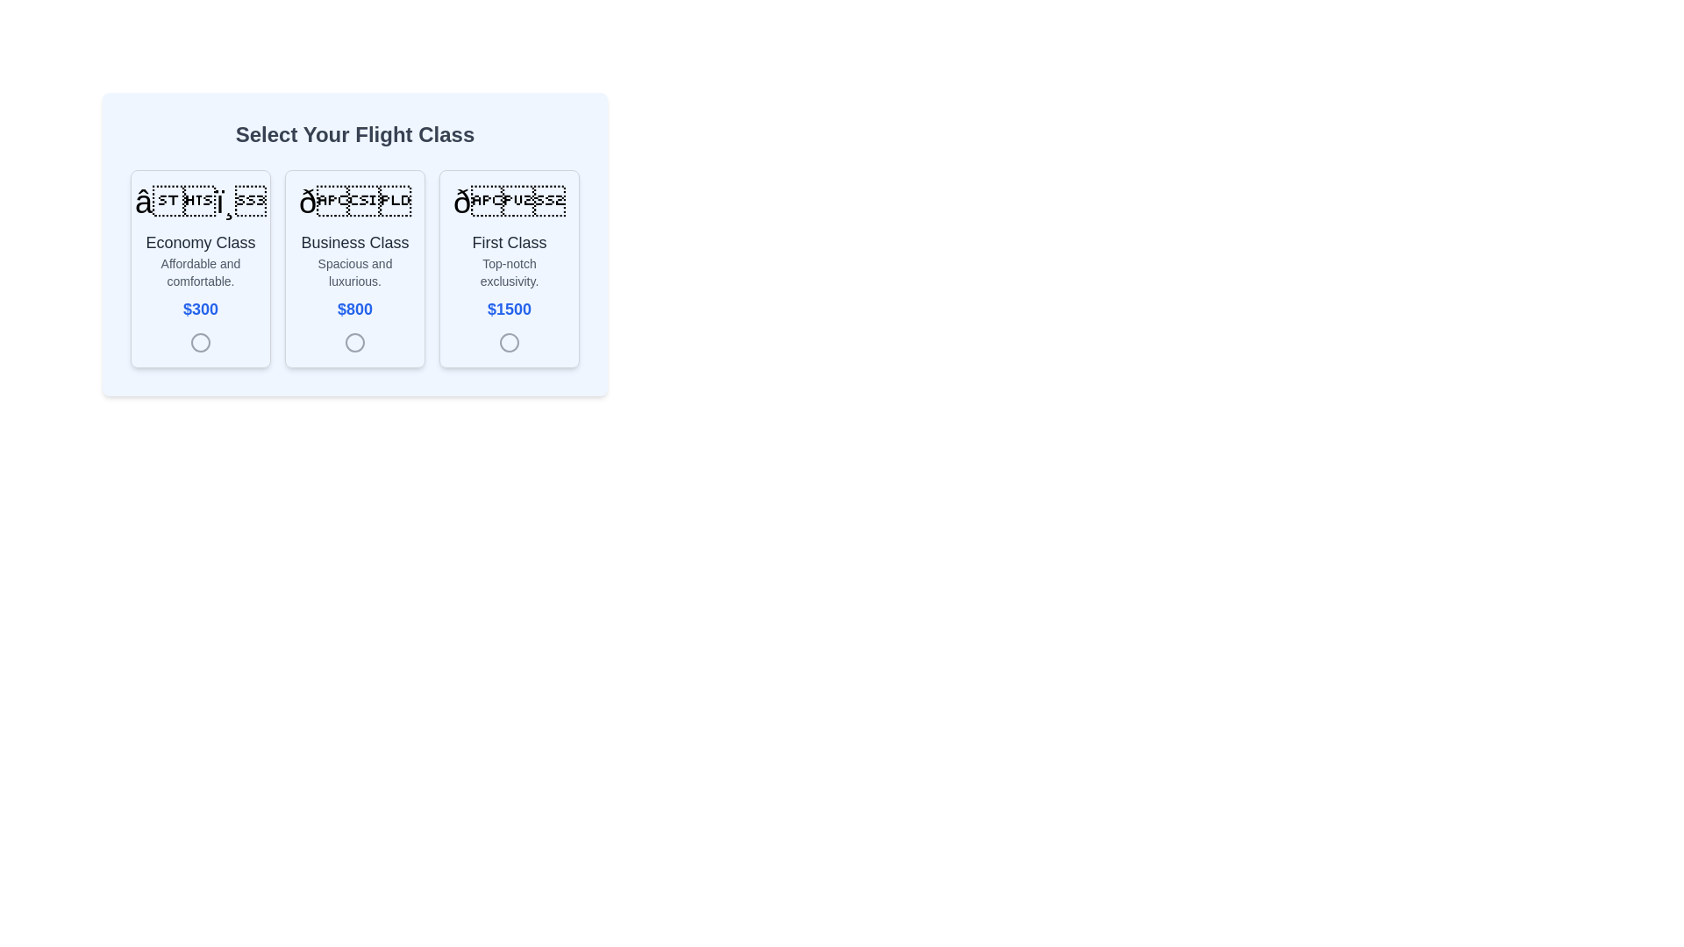 This screenshot has height=947, width=1684. Describe the element at coordinates (508, 202) in the screenshot. I see `the decorative icon located at the top center of the 'First Class' option card, which emphasizes its exclusivity and luxury` at that location.